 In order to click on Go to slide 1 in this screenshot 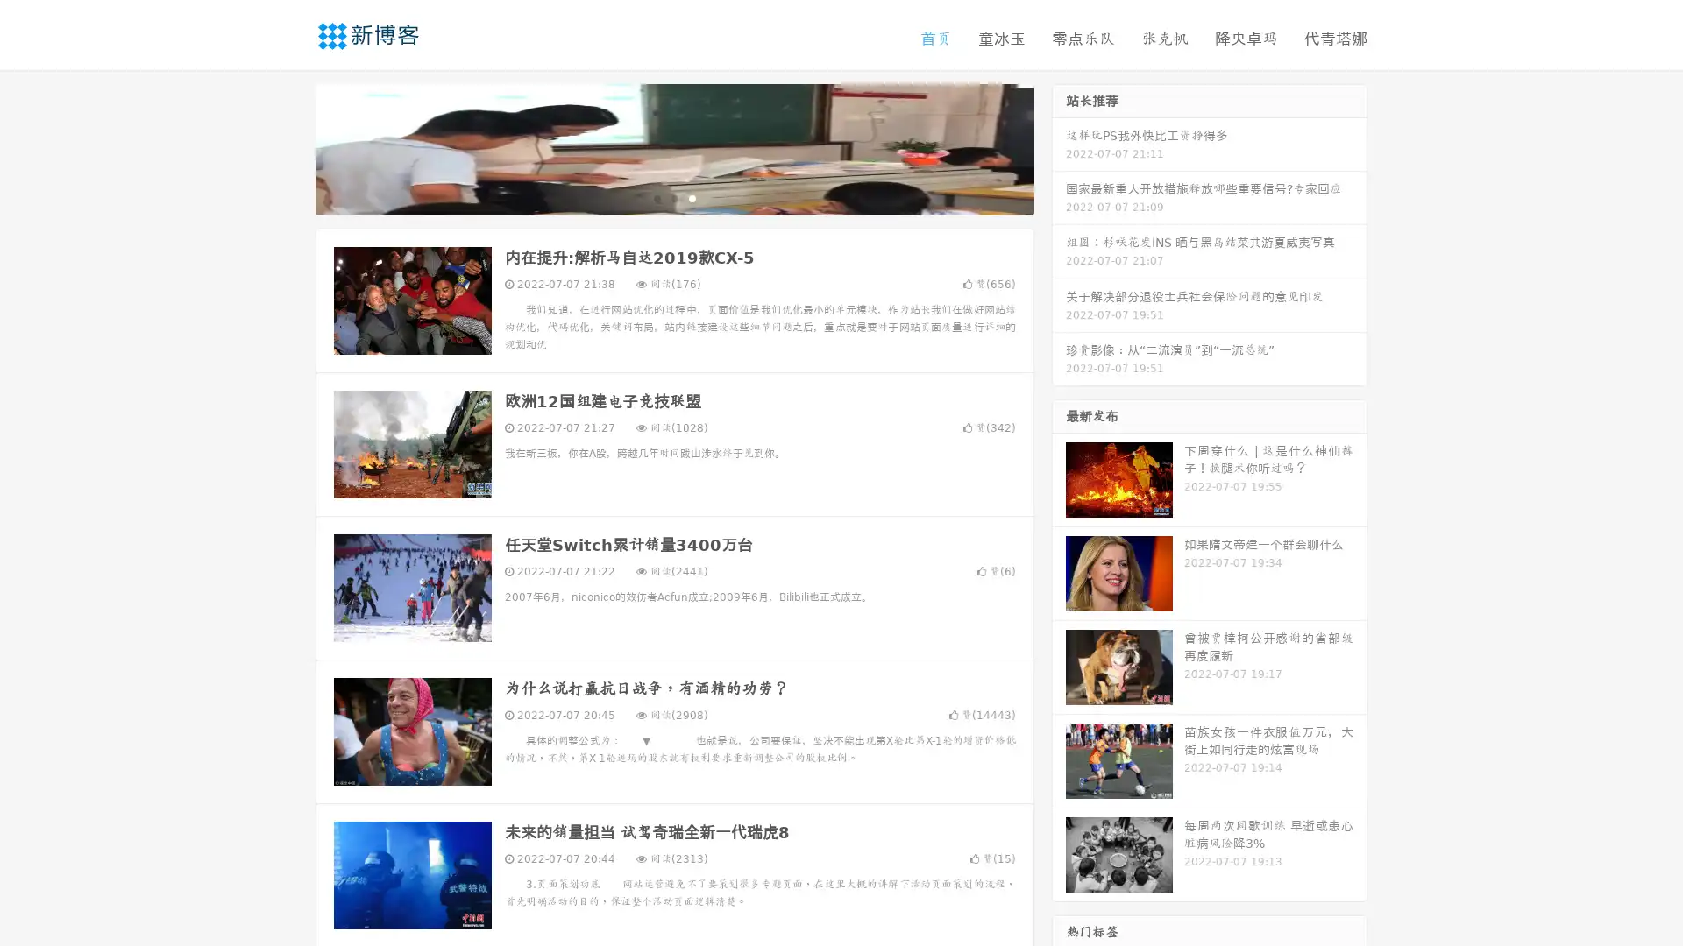, I will do `click(656, 197)`.